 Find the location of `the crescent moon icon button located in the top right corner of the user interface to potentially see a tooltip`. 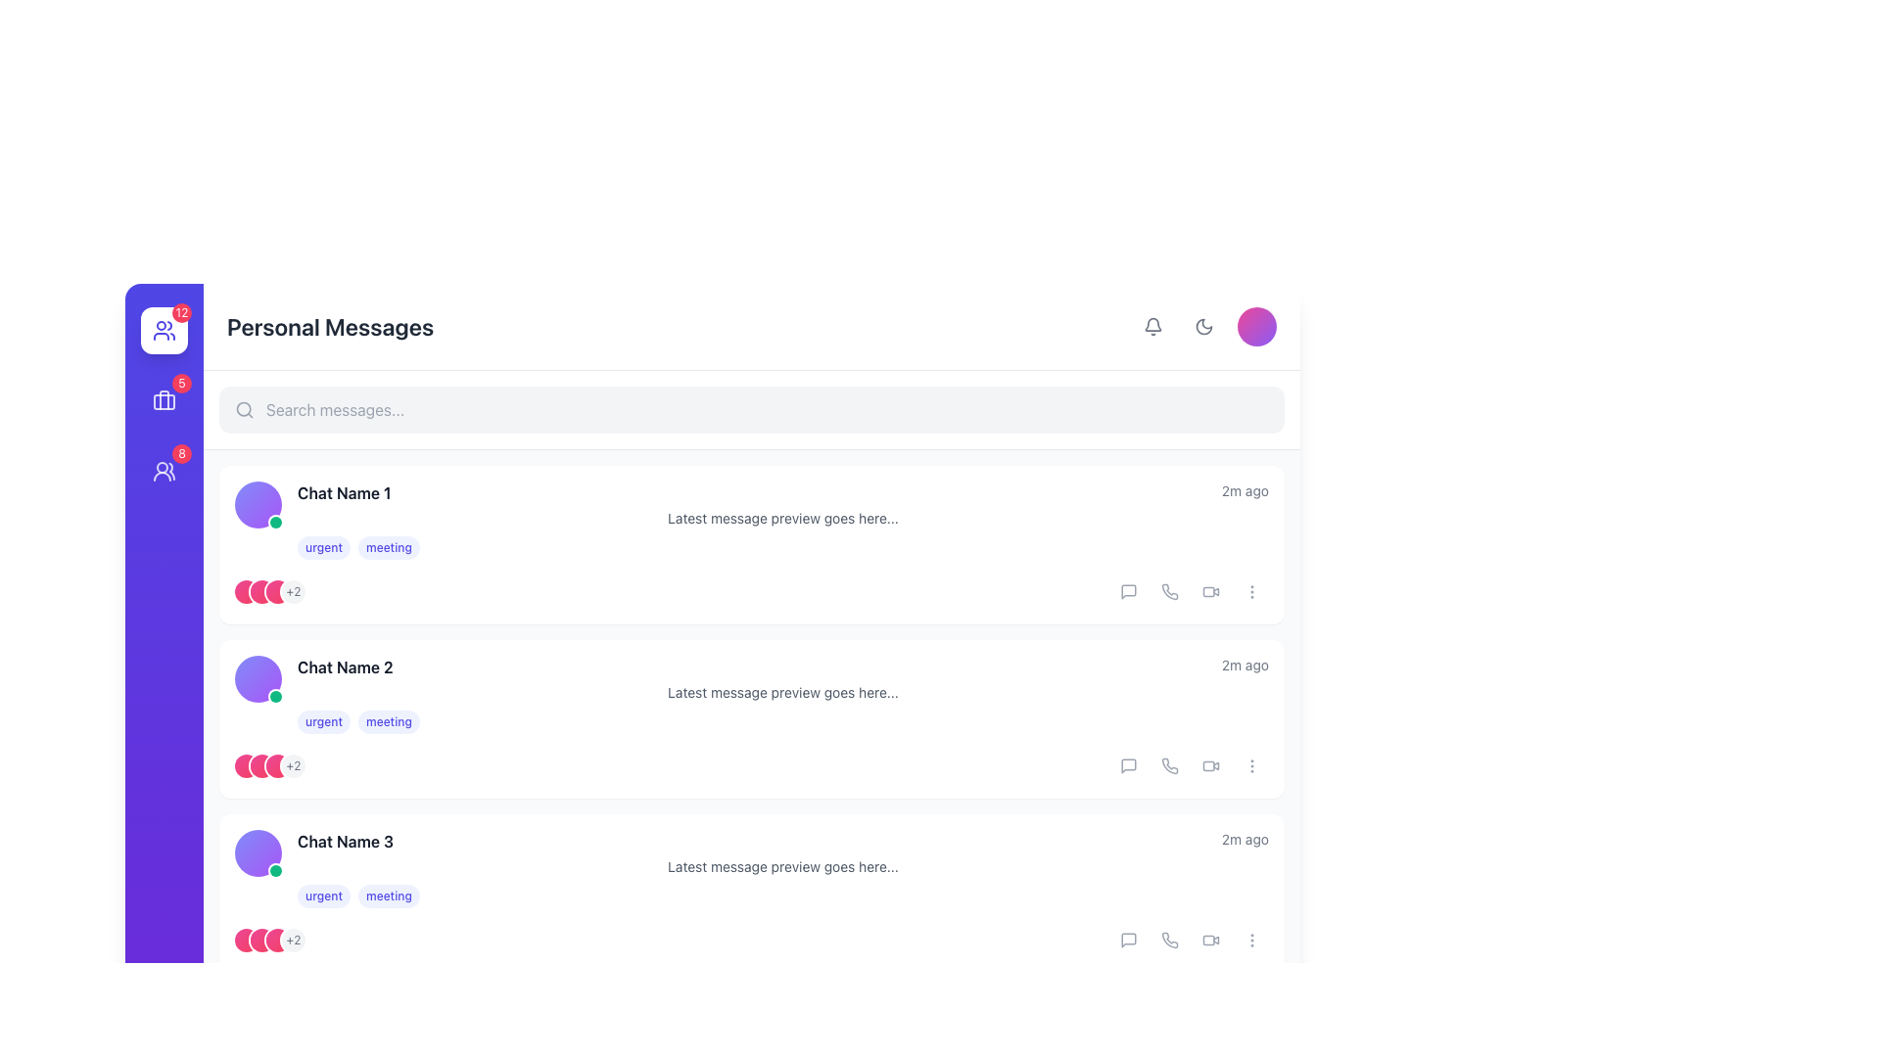

the crescent moon icon button located in the top right corner of the user interface to potentially see a tooltip is located at coordinates (1205, 326).